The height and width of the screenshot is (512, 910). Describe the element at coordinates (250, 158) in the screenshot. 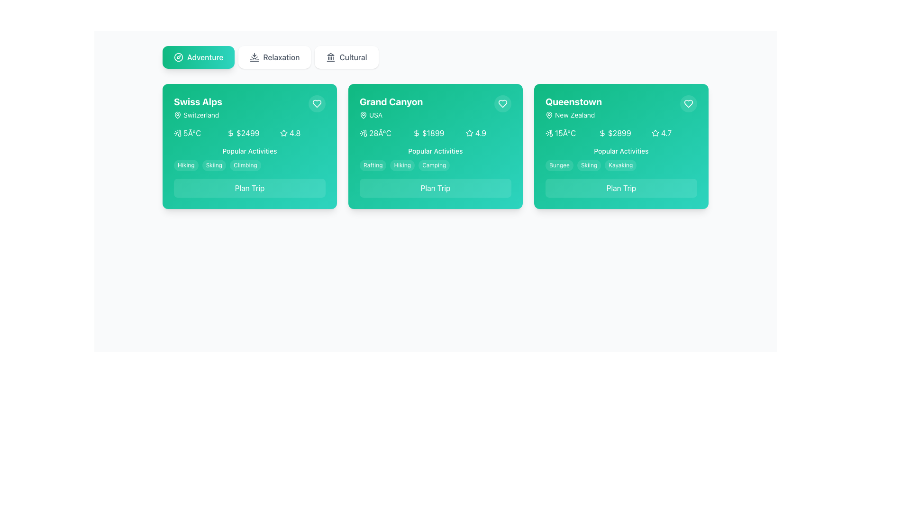

I see `the 'Climbing' button within the 'Popular Activities' list located in the Swiss Alps card` at that location.